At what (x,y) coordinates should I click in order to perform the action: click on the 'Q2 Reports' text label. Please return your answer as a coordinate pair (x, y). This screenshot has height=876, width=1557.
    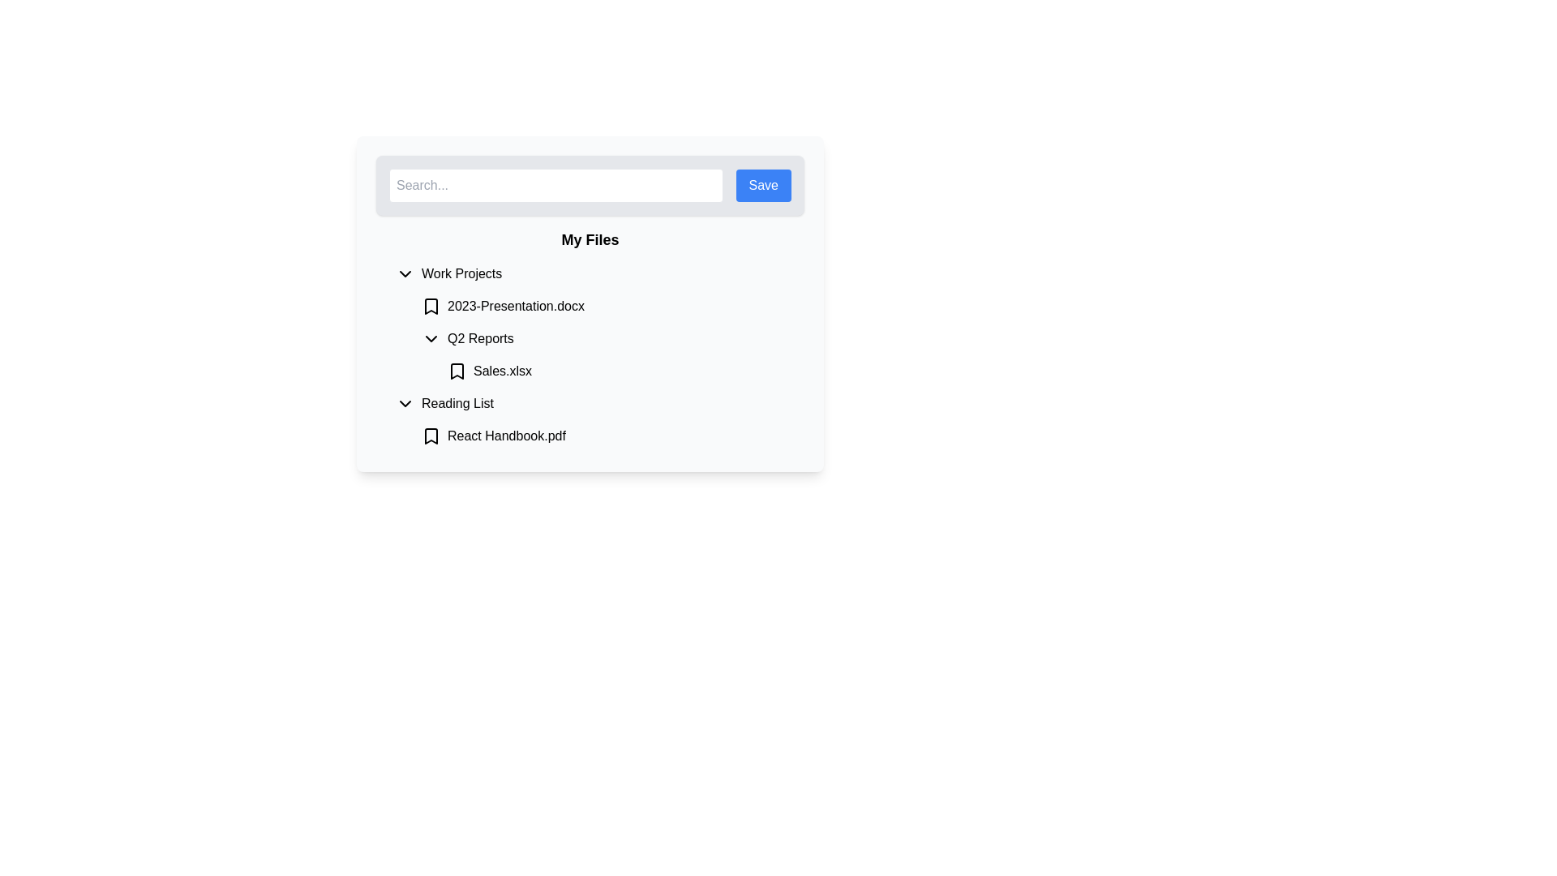
    Looking at the image, I should click on (479, 337).